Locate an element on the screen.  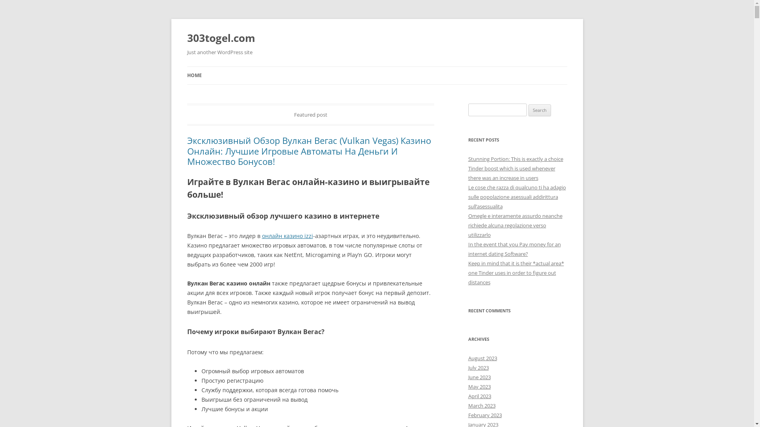
'Search' is located at coordinates (539, 110).